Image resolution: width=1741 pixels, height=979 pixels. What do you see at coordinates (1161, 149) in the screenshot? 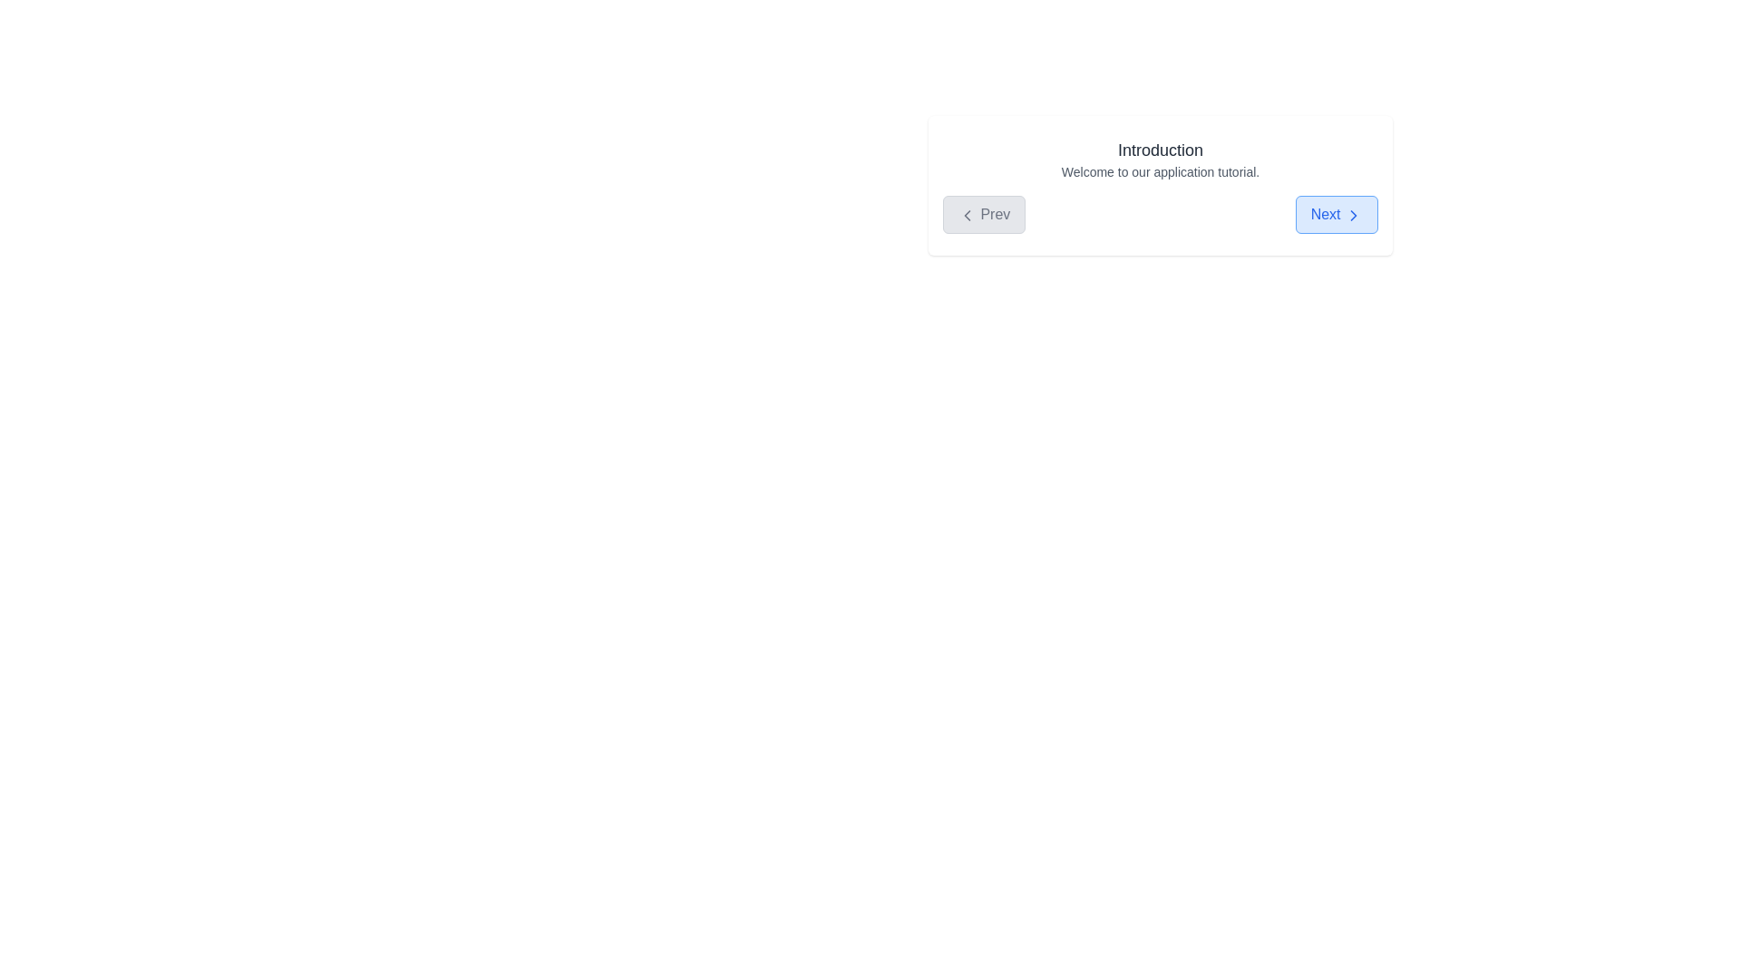
I see `the header label that serves as the title for the section, providing clarity about the page content, located centrally above the text 'Welcome to our application tutorial.'` at bounding box center [1161, 149].